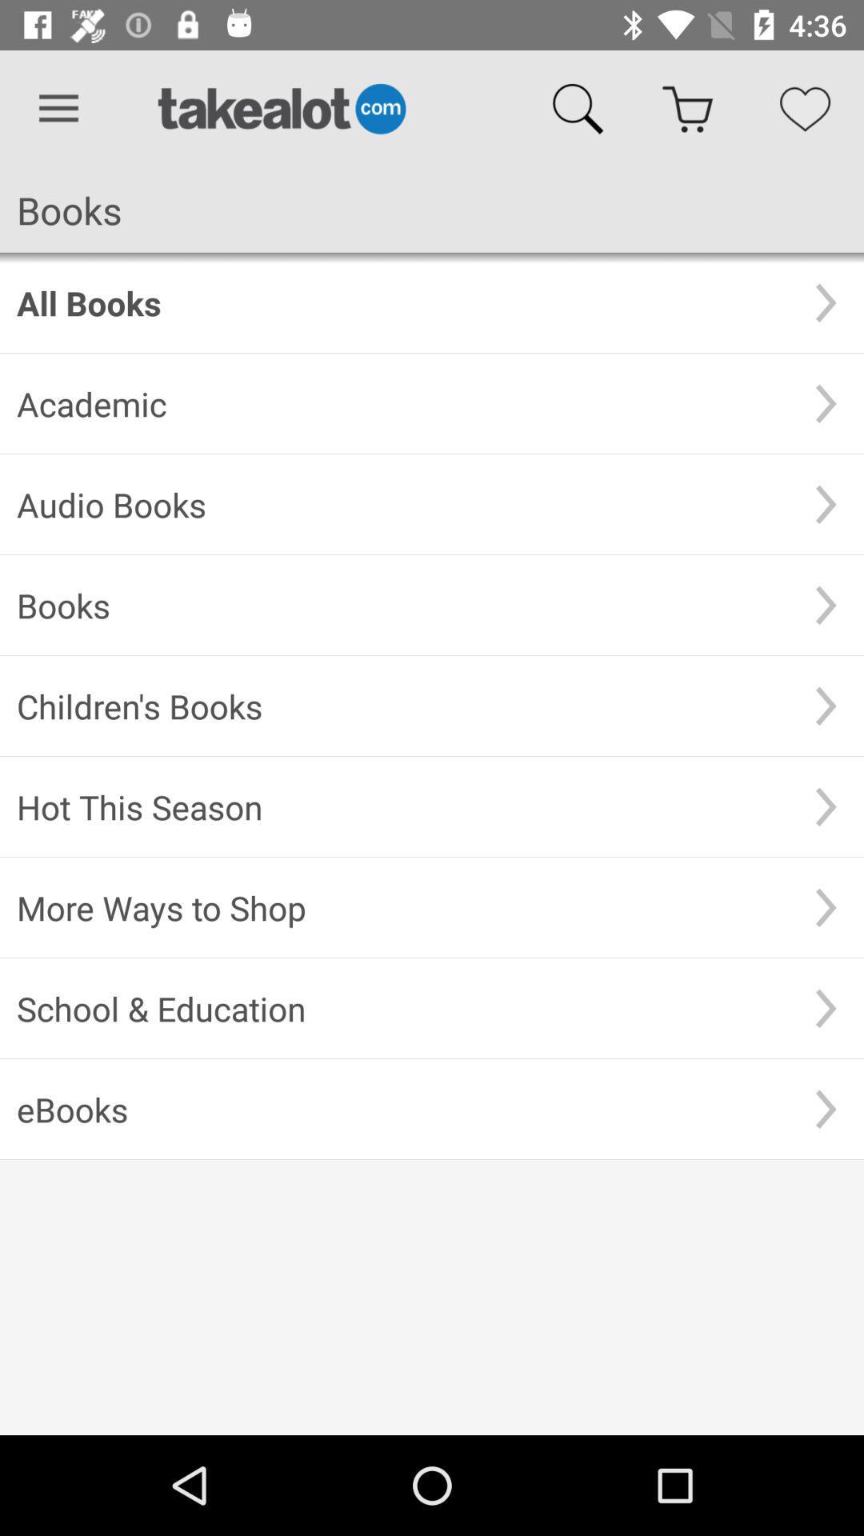 Image resolution: width=864 pixels, height=1536 pixels. Describe the element at coordinates (402, 907) in the screenshot. I see `the more ways to icon` at that location.